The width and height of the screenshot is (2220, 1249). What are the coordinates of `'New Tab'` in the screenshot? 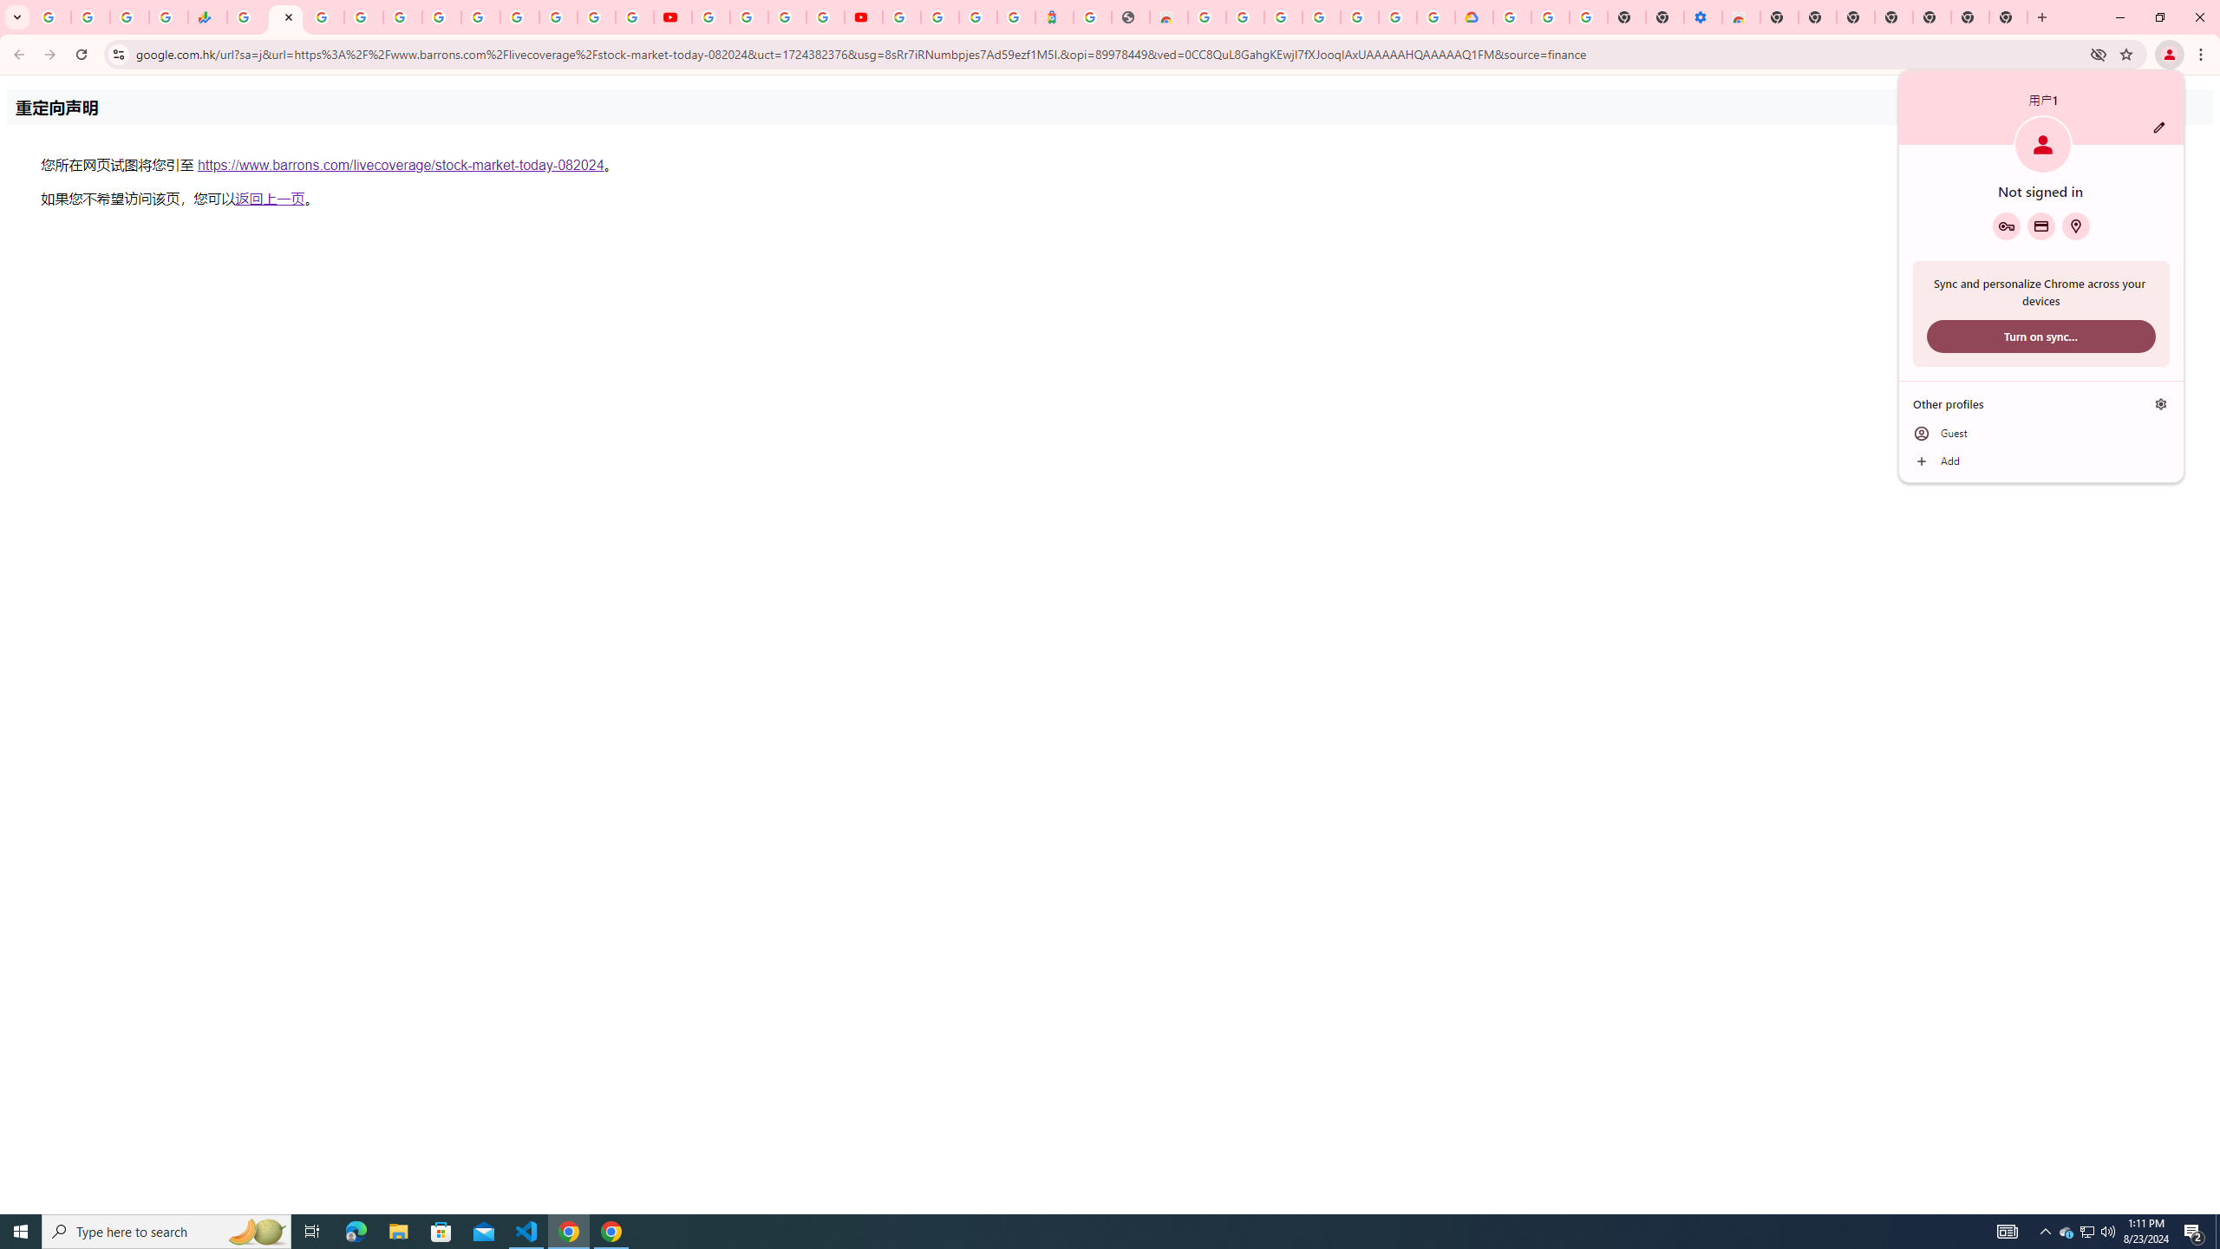 It's located at (2008, 16).